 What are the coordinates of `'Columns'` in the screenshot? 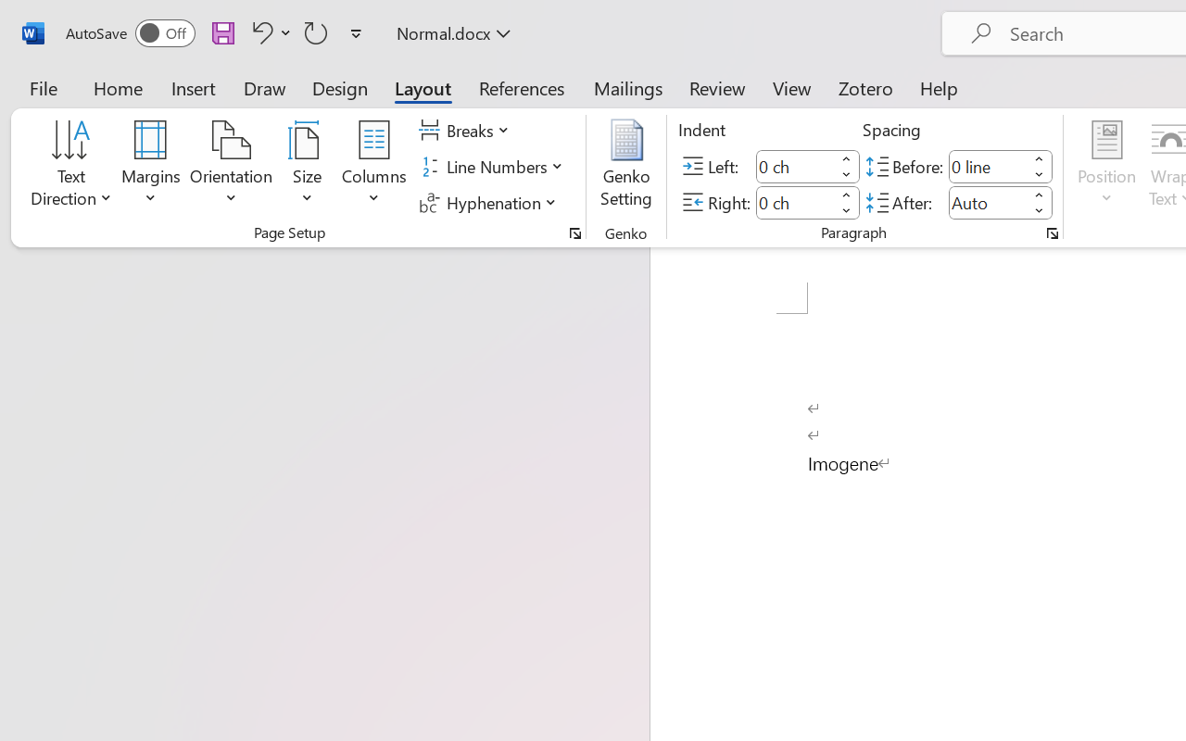 It's located at (373, 166).